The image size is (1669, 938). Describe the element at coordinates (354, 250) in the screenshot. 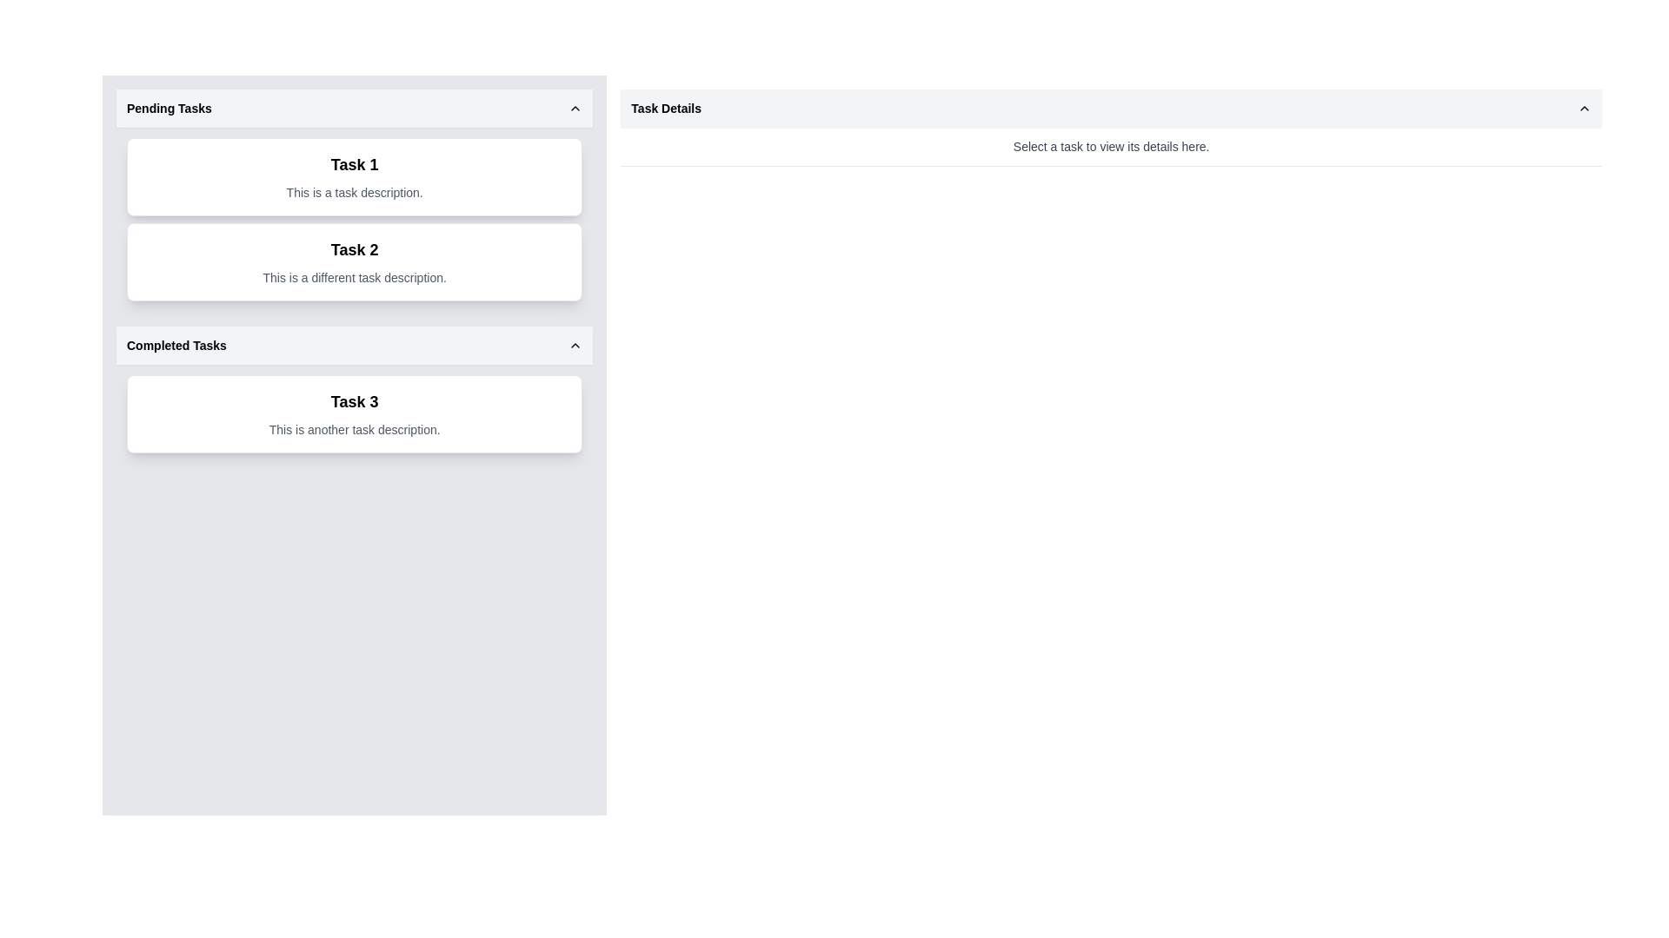

I see `the title text of the second card in the 'Pending Tasks' section, which identifies the associated task, positioned between 'Task 1' and 'Task 3'` at that location.